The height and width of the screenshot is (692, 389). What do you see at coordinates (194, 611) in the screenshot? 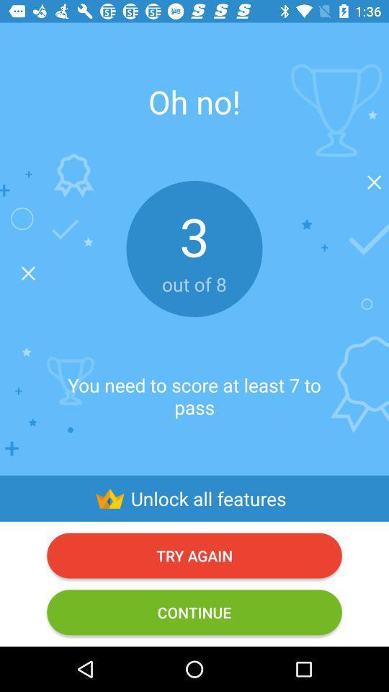
I see `the continue item` at bounding box center [194, 611].